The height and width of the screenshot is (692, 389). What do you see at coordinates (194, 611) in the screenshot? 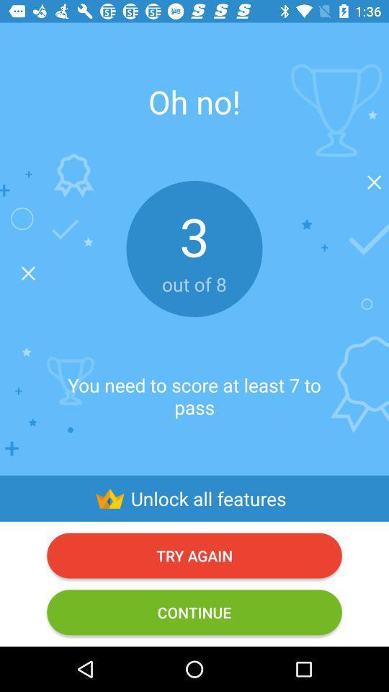
I see `the continue item` at bounding box center [194, 611].